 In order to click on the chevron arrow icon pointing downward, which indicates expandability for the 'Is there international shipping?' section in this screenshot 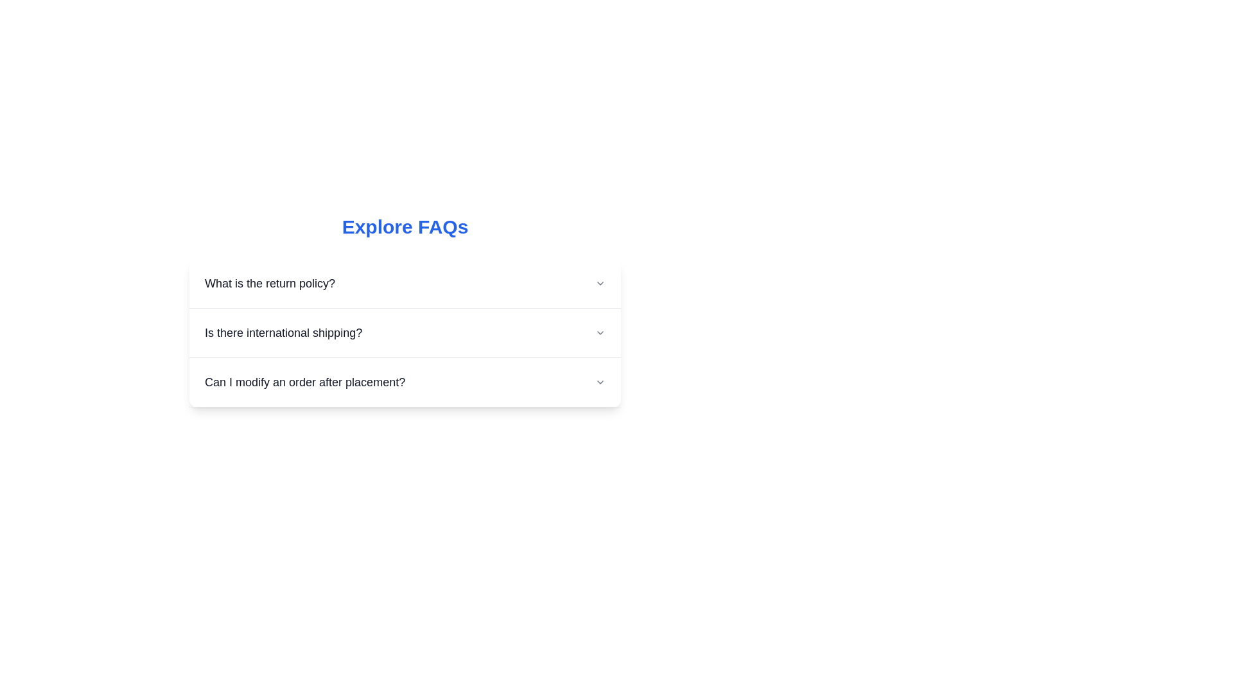, I will do `click(600, 332)`.